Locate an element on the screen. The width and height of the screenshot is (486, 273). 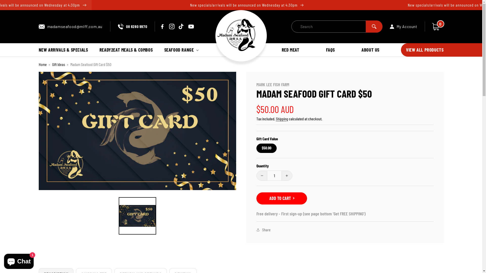
'Shipping' is located at coordinates (281, 119).